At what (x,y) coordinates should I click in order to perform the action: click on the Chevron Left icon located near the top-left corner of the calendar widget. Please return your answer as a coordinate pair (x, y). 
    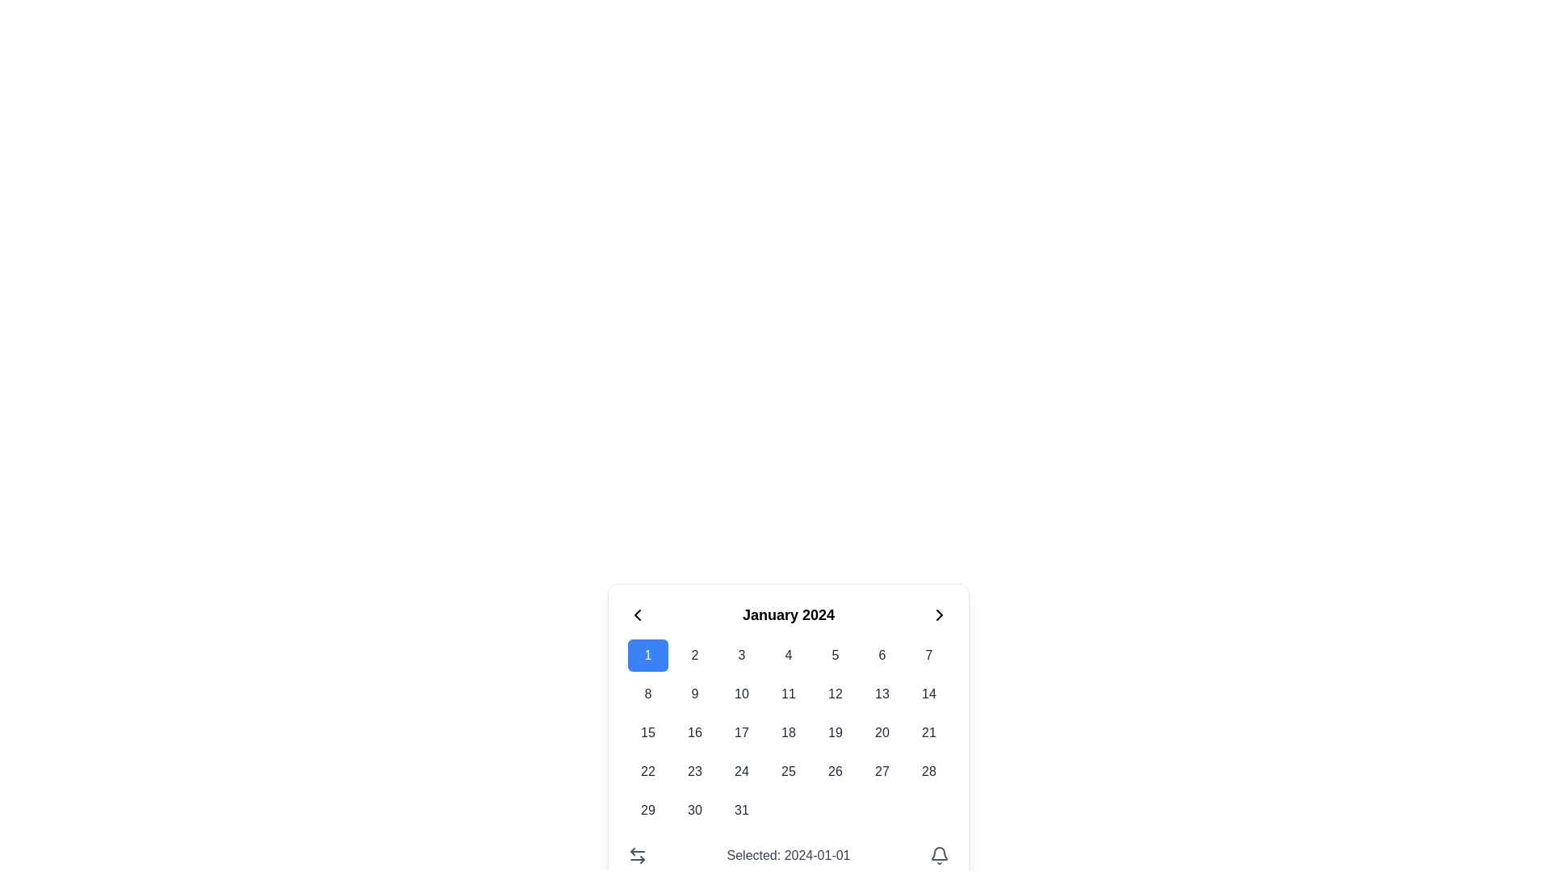
    Looking at the image, I should click on (637, 615).